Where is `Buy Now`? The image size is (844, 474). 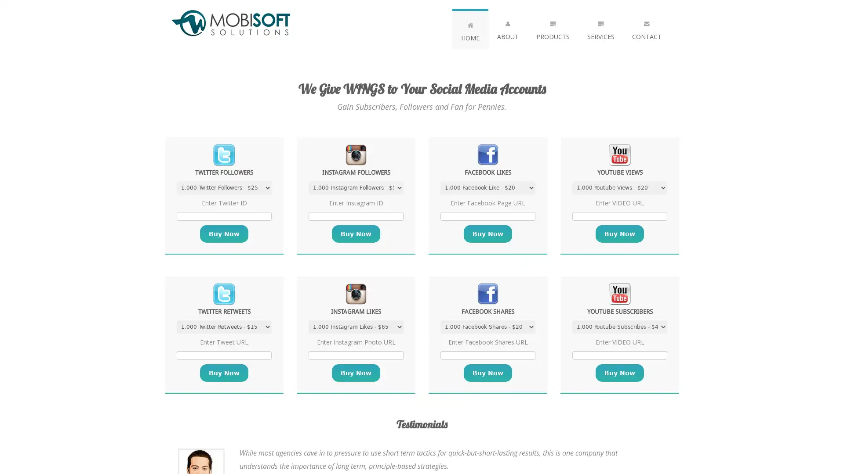
Buy Now is located at coordinates (619, 373).